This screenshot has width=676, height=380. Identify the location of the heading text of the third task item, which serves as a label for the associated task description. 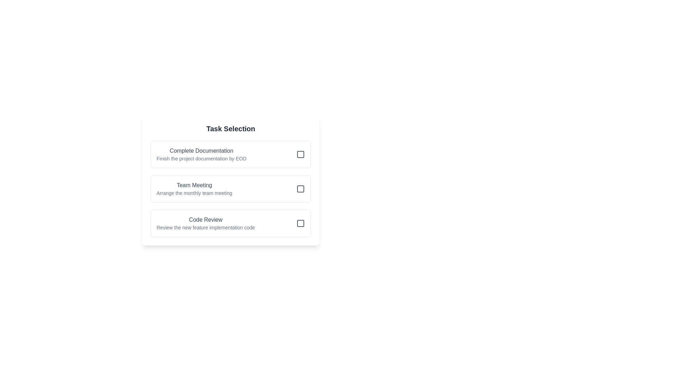
(205, 219).